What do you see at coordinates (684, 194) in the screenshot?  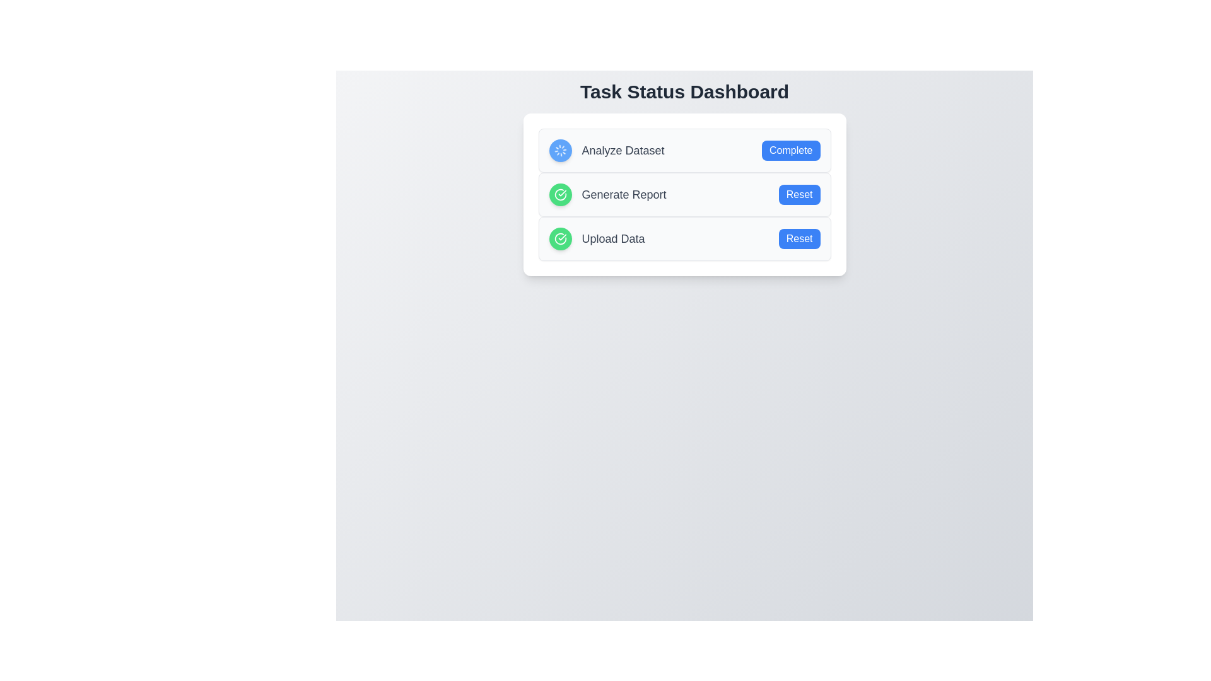 I see `the task item labeled 'Generate Report'` at bounding box center [684, 194].